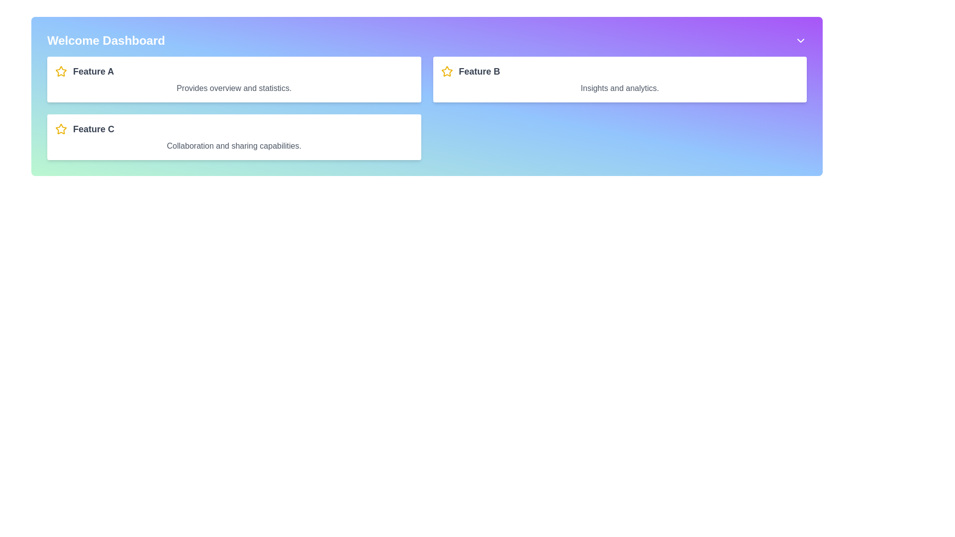  What do you see at coordinates (446, 71) in the screenshot?
I see `the star-shaped golden-yellow icon located at the top-right corner of the 'Feature B' card, to the left of the title 'Feature B'` at bounding box center [446, 71].